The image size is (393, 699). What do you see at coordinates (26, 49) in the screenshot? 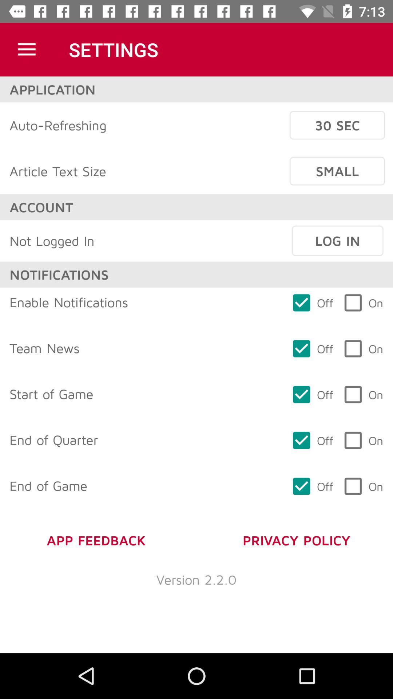
I see `item to the left of settings item` at bounding box center [26, 49].